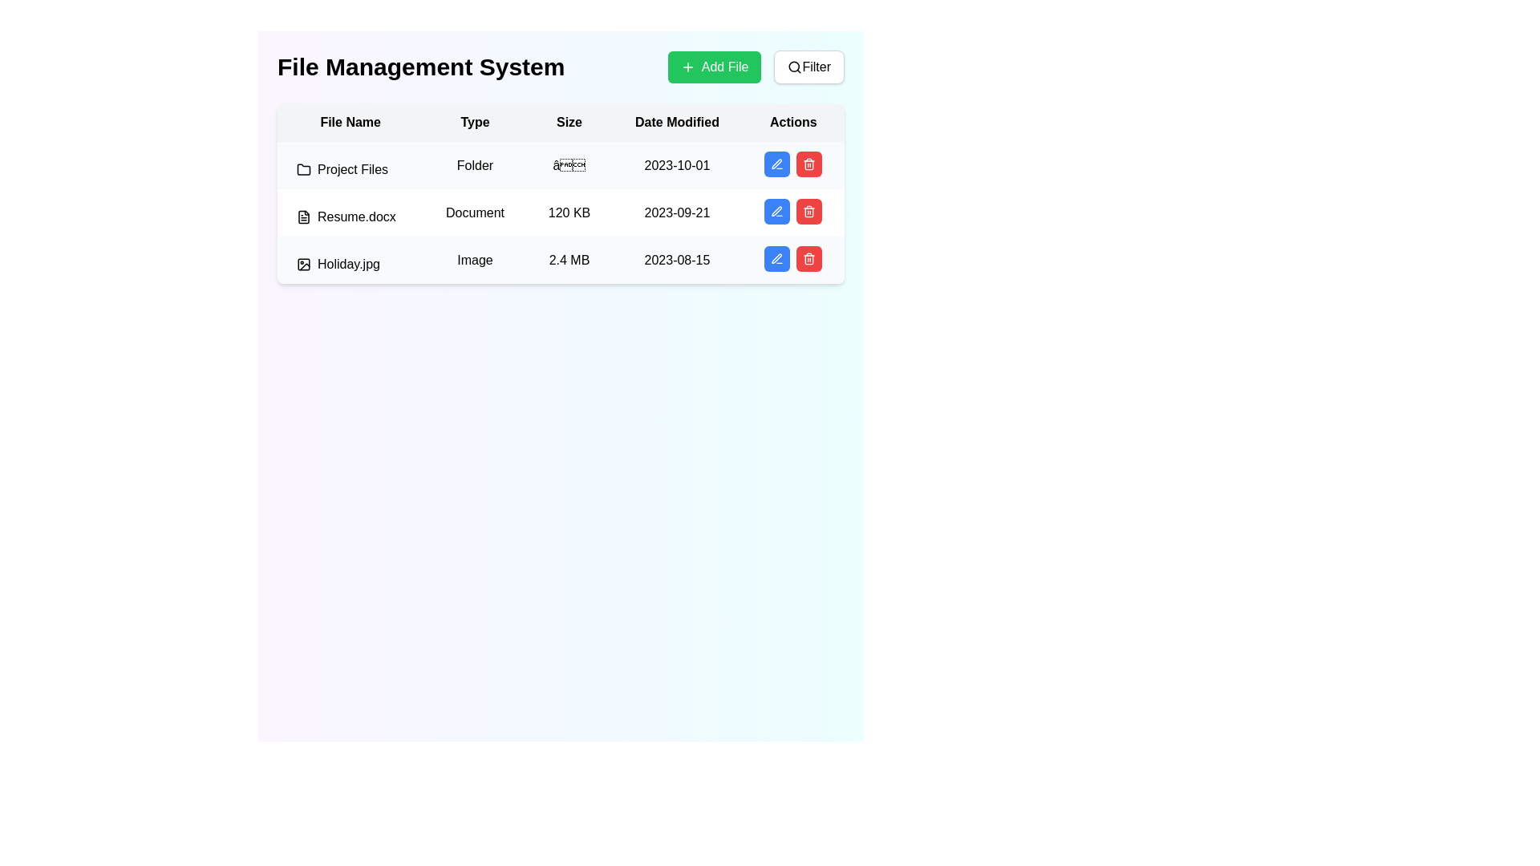 The image size is (1540, 866). Describe the element at coordinates (569, 122) in the screenshot. I see `the 'Size' header label` at that location.